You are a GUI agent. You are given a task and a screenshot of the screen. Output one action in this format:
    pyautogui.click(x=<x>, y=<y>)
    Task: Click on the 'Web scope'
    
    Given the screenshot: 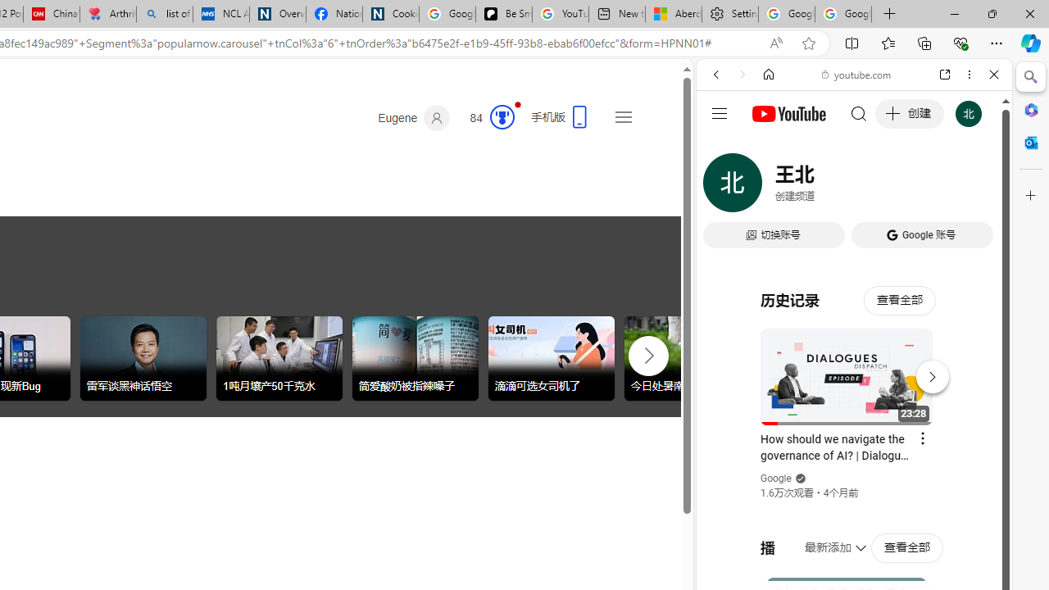 What is the action you would take?
    pyautogui.click(x=722, y=147)
    